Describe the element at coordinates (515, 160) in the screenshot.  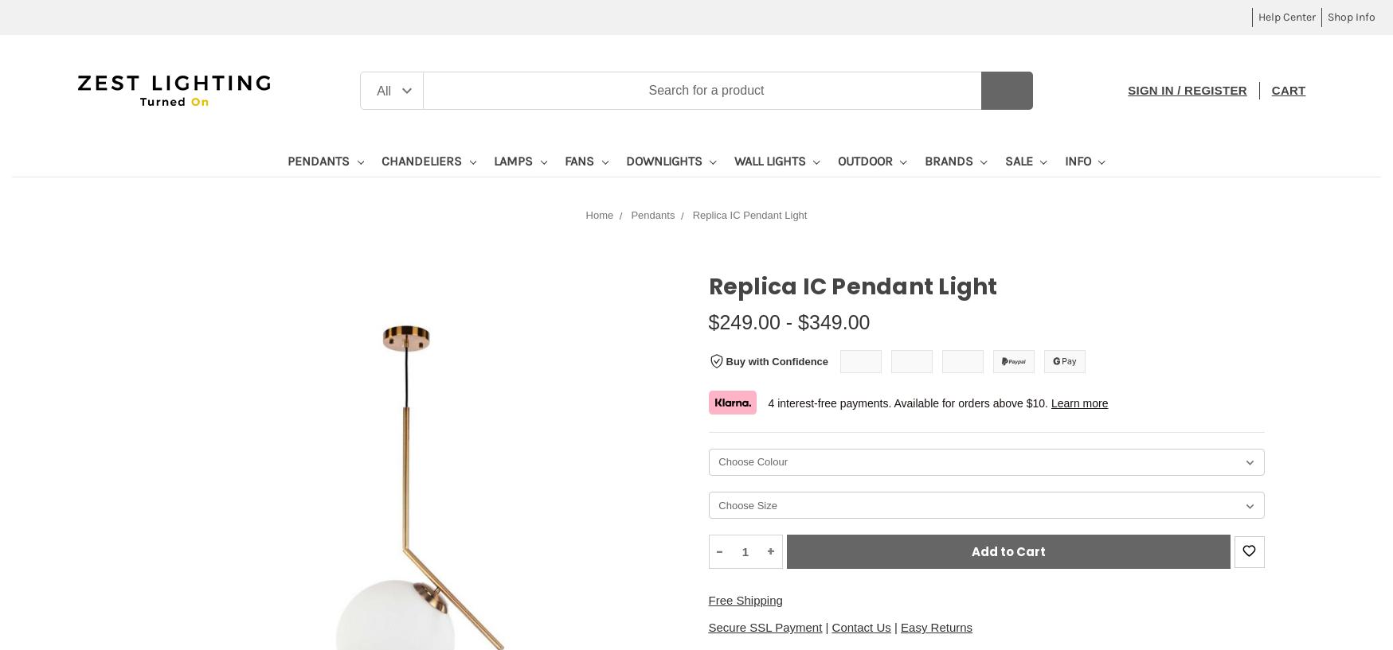
I see `'Lamps'` at that location.